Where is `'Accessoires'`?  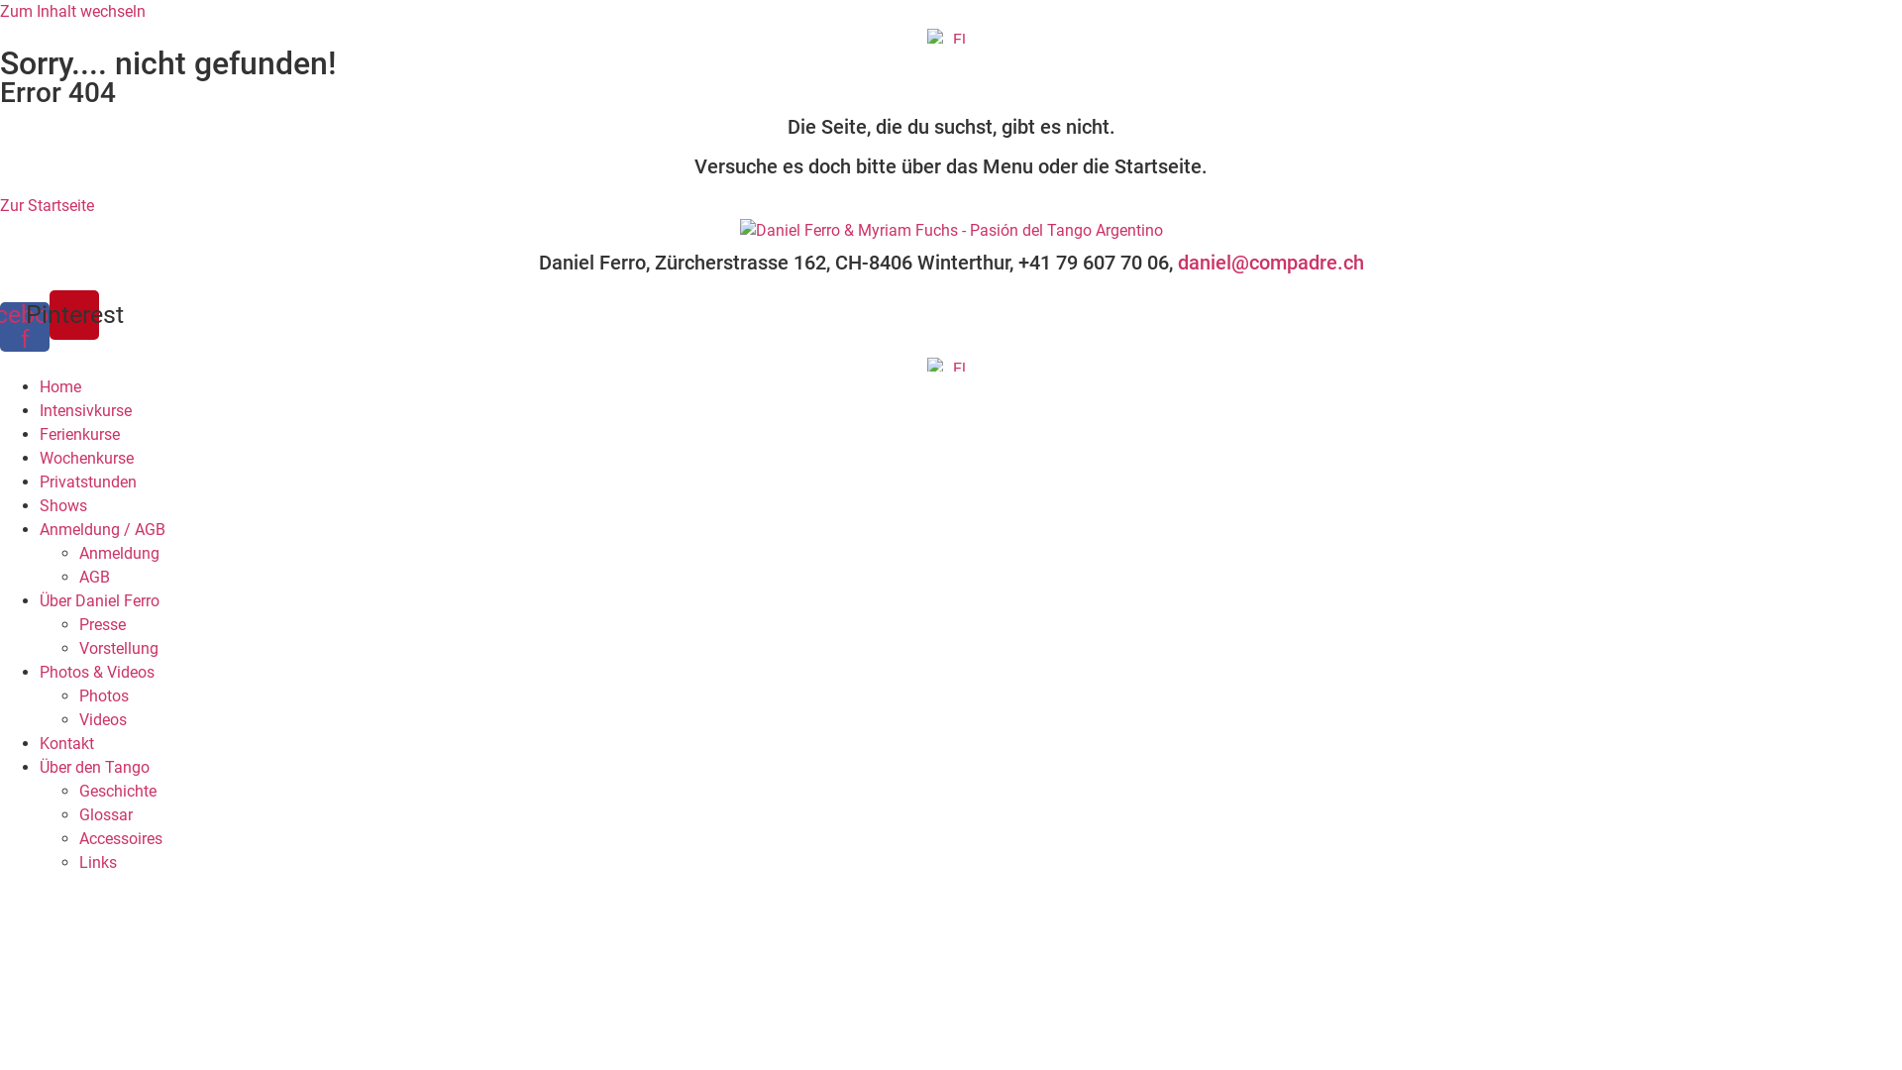
'Accessoires' is located at coordinates (79, 838).